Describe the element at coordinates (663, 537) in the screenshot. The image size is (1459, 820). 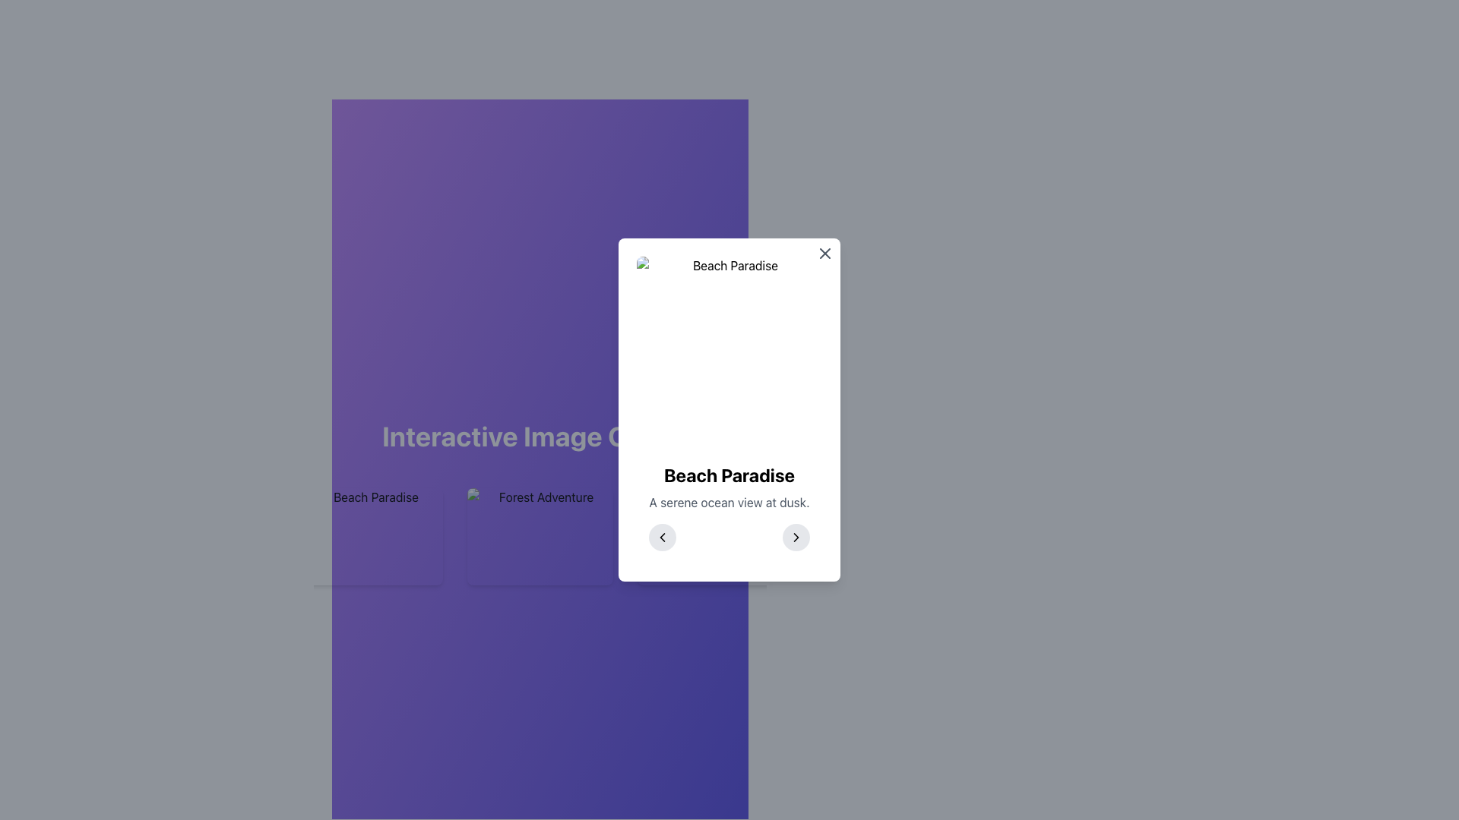
I see `the chevron icon located in the top-left corner of the modal window` at that location.